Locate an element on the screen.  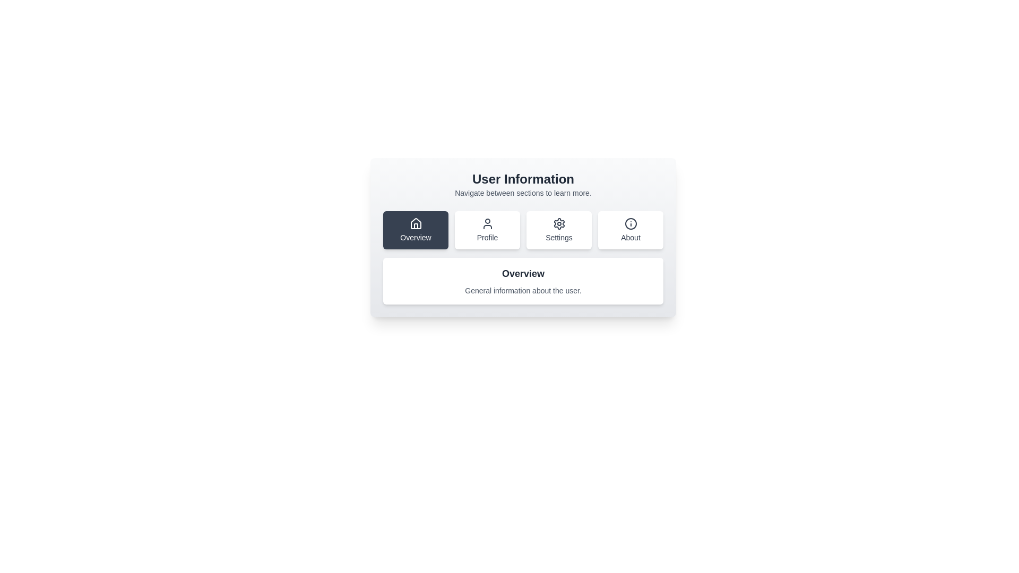
the circular icon component within the 'About' button in the User Information panel's navigation bar is located at coordinates (631, 223).